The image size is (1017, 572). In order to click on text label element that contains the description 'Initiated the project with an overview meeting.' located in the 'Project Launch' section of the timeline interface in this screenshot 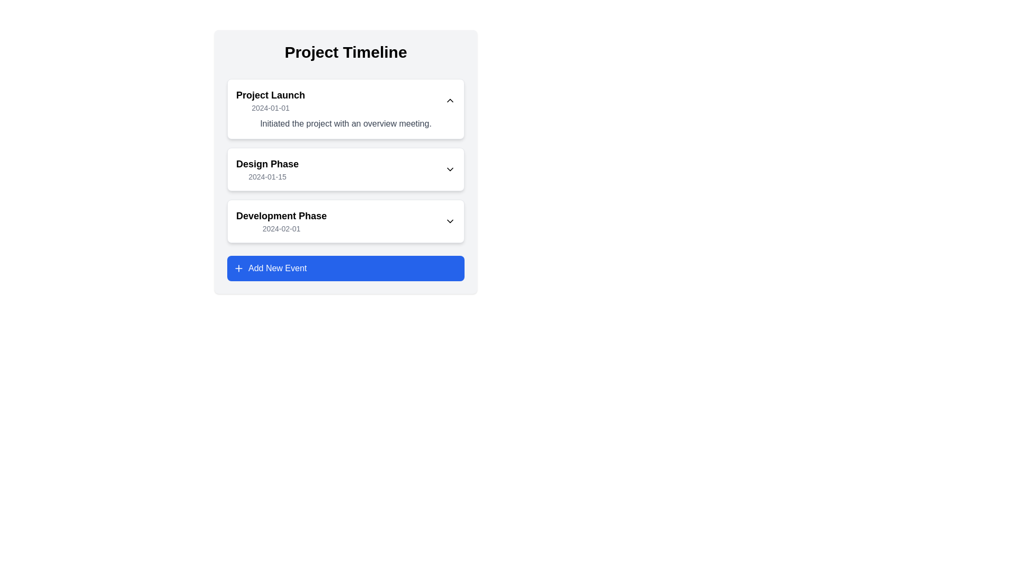, I will do `click(345, 123)`.